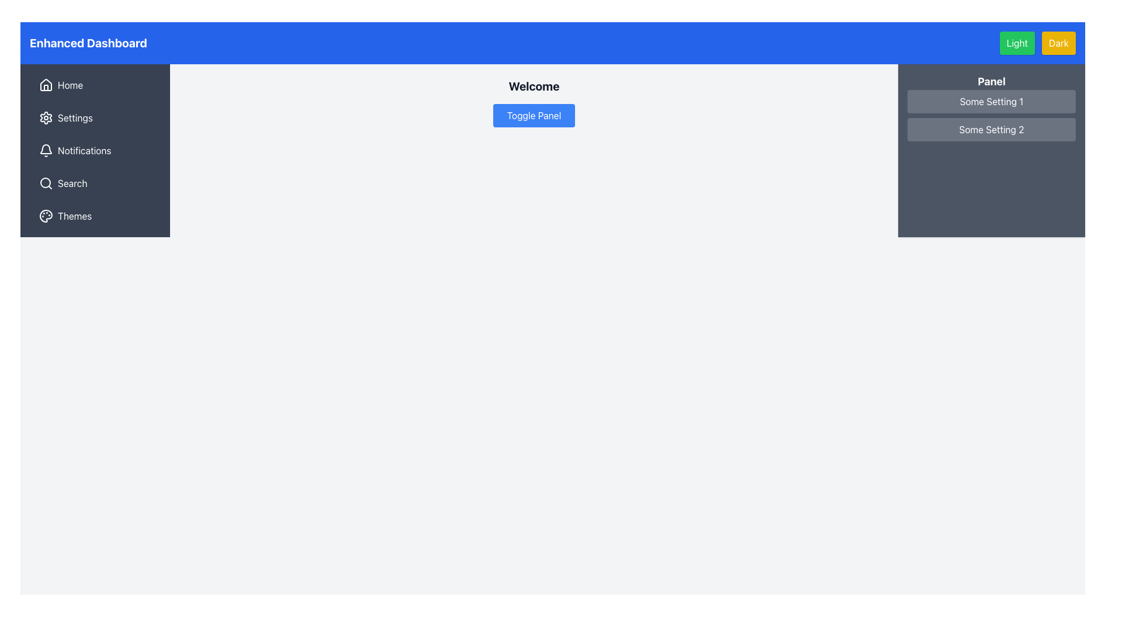  I want to click on the text label displaying 'Panel' in bold white font on a dark gray background, located at the top right of the interface, so click(991, 81).